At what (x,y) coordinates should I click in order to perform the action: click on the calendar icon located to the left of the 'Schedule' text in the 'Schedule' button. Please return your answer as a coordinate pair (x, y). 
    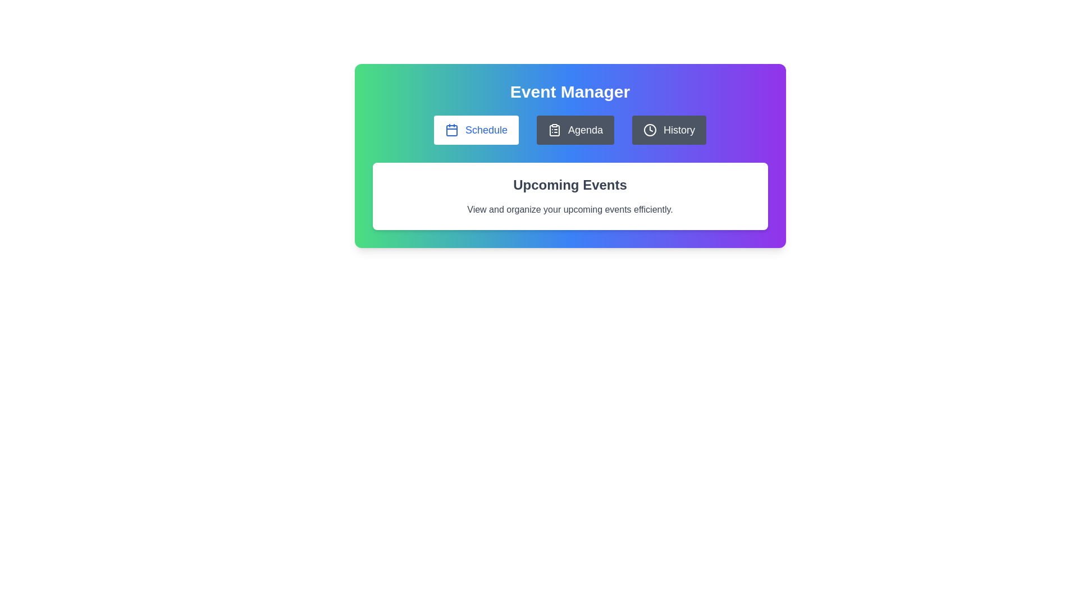
    Looking at the image, I should click on (451, 129).